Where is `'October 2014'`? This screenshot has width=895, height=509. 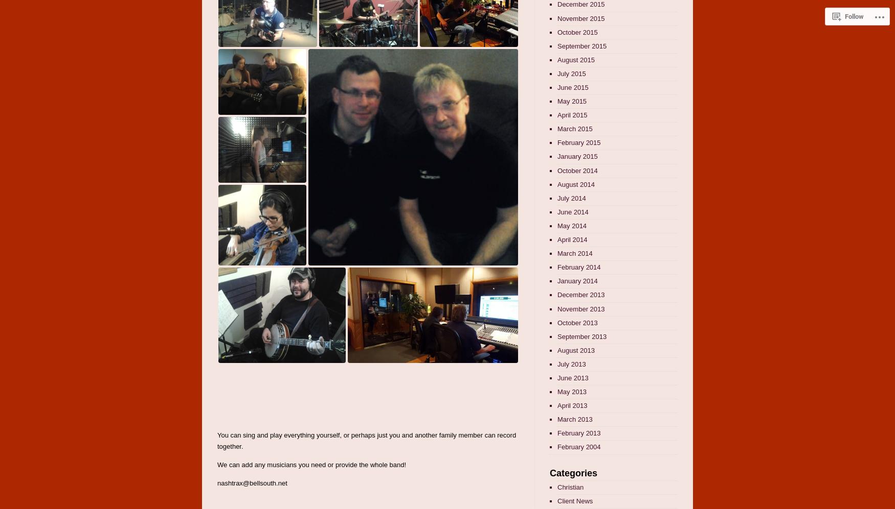
'October 2014' is located at coordinates (576, 169).